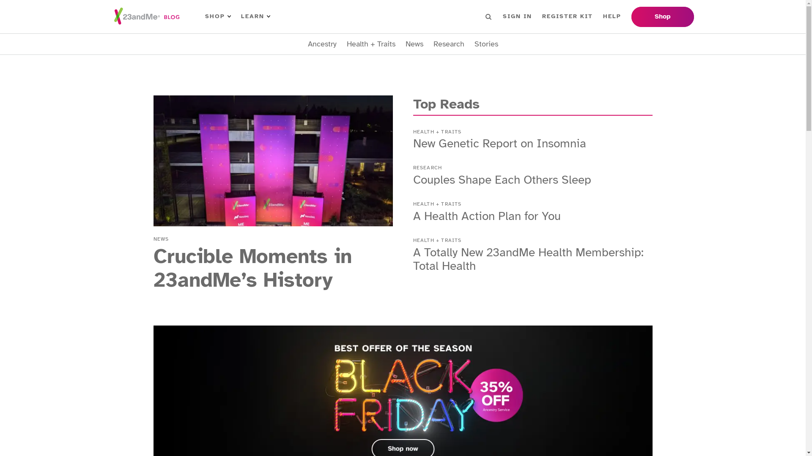 Image resolution: width=812 pixels, height=456 pixels. Describe the element at coordinates (568, 16) in the screenshot. I see `'REGISTER KIT'` at that location.